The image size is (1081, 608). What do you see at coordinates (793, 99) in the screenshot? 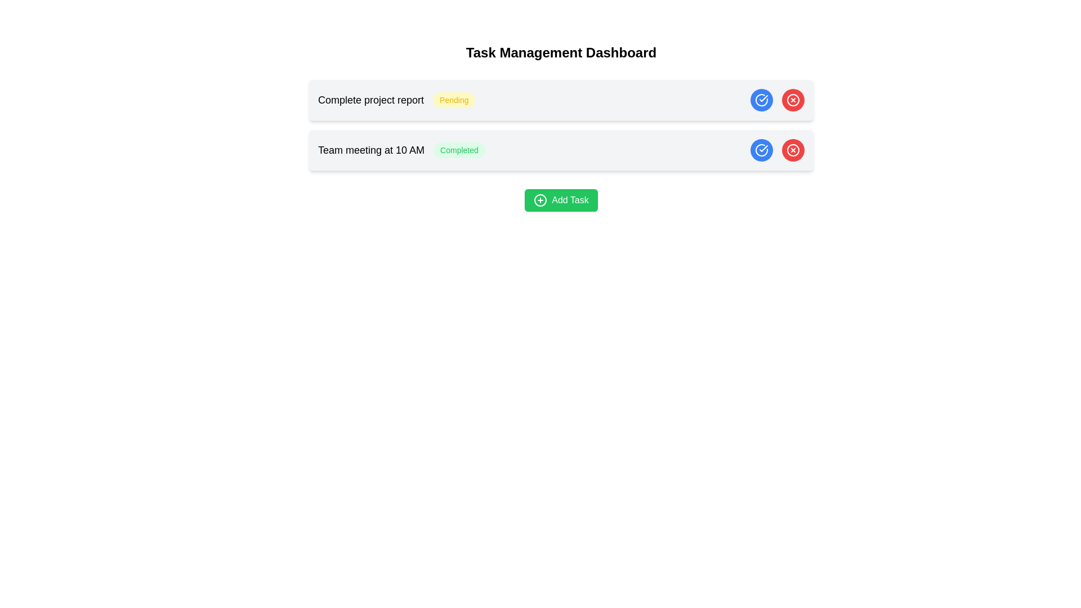
I see `the circular red button with a white cross symbol located at the right end of the top task row to change its background color` at bounding box center [793, 99].